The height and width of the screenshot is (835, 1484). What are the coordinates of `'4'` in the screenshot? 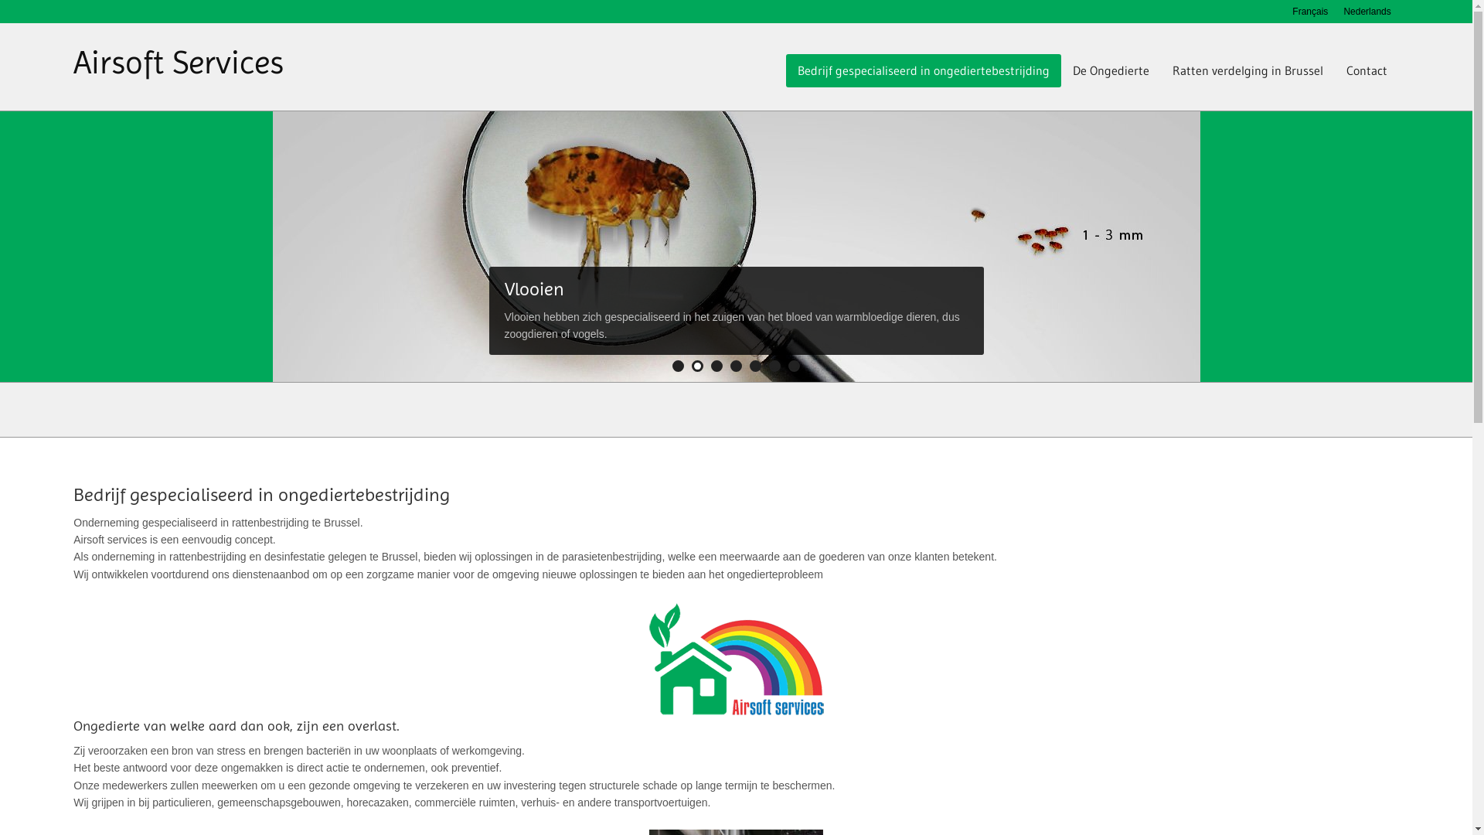 It's located at (735, 366).